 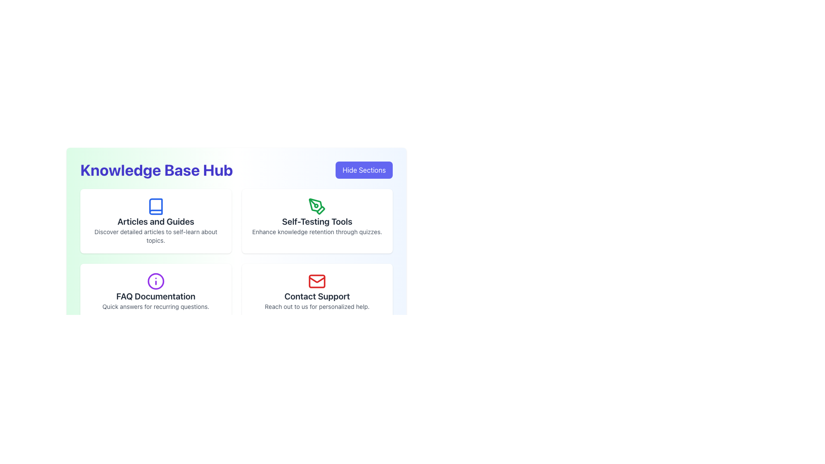 What do you see at coordinates (156, 306) in the screenshot?
I see `the descriptive text element that provides supporting information related to 'FAQ Documentation', located below the title text within the card` at bounding box center [156, 306].